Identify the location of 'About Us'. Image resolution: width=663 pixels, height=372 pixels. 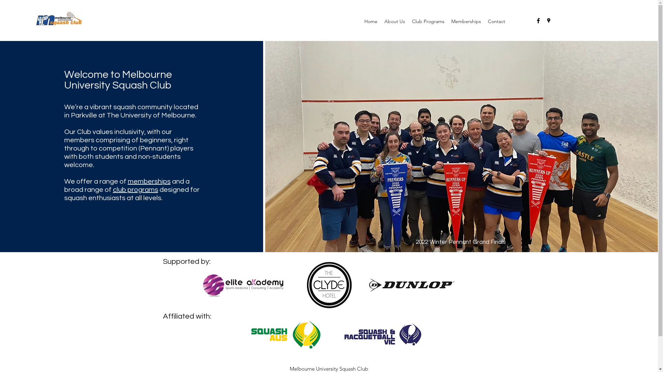
(381, 20).